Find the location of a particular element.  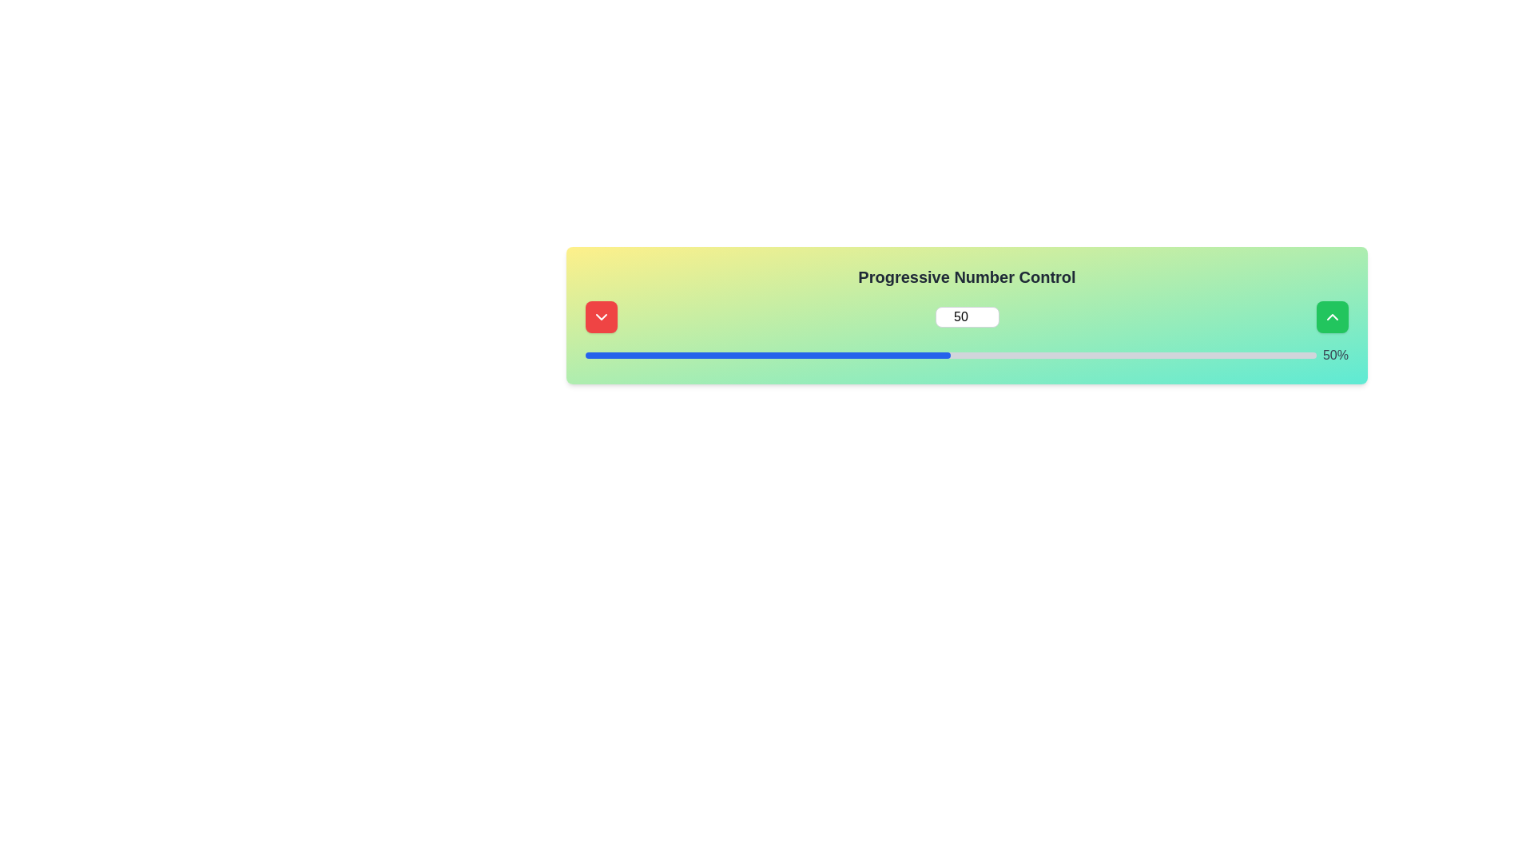

the slider value is located at coordinates (768, 354).